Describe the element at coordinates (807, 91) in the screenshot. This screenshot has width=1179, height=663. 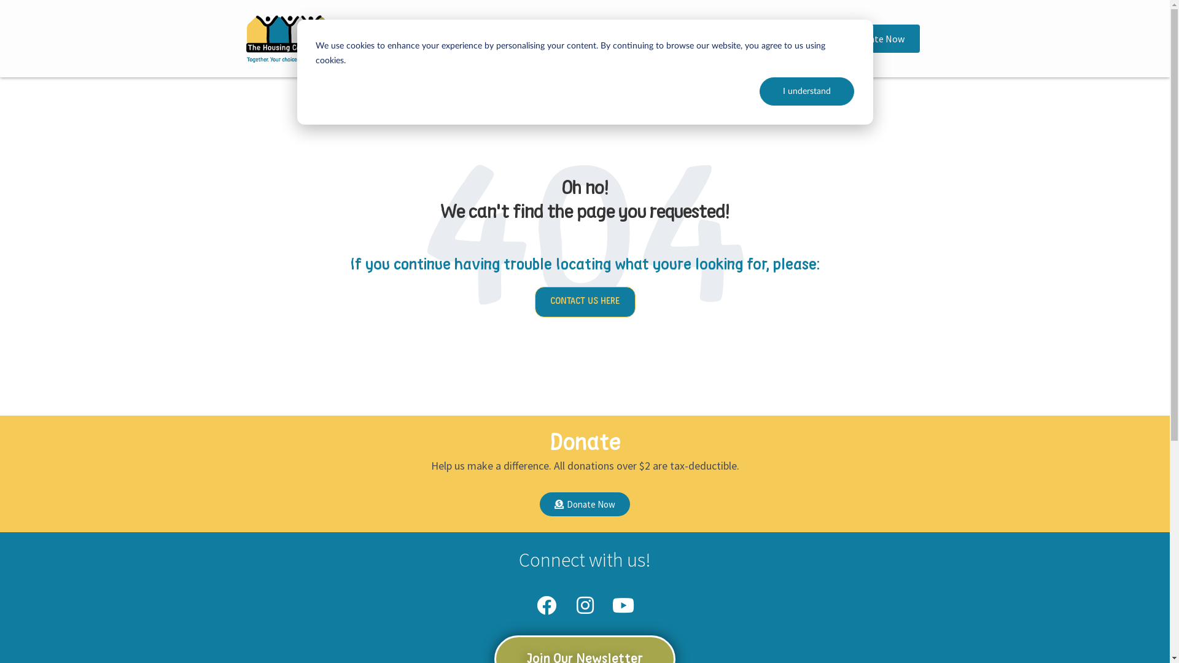
I see `'I understand'` at that location.